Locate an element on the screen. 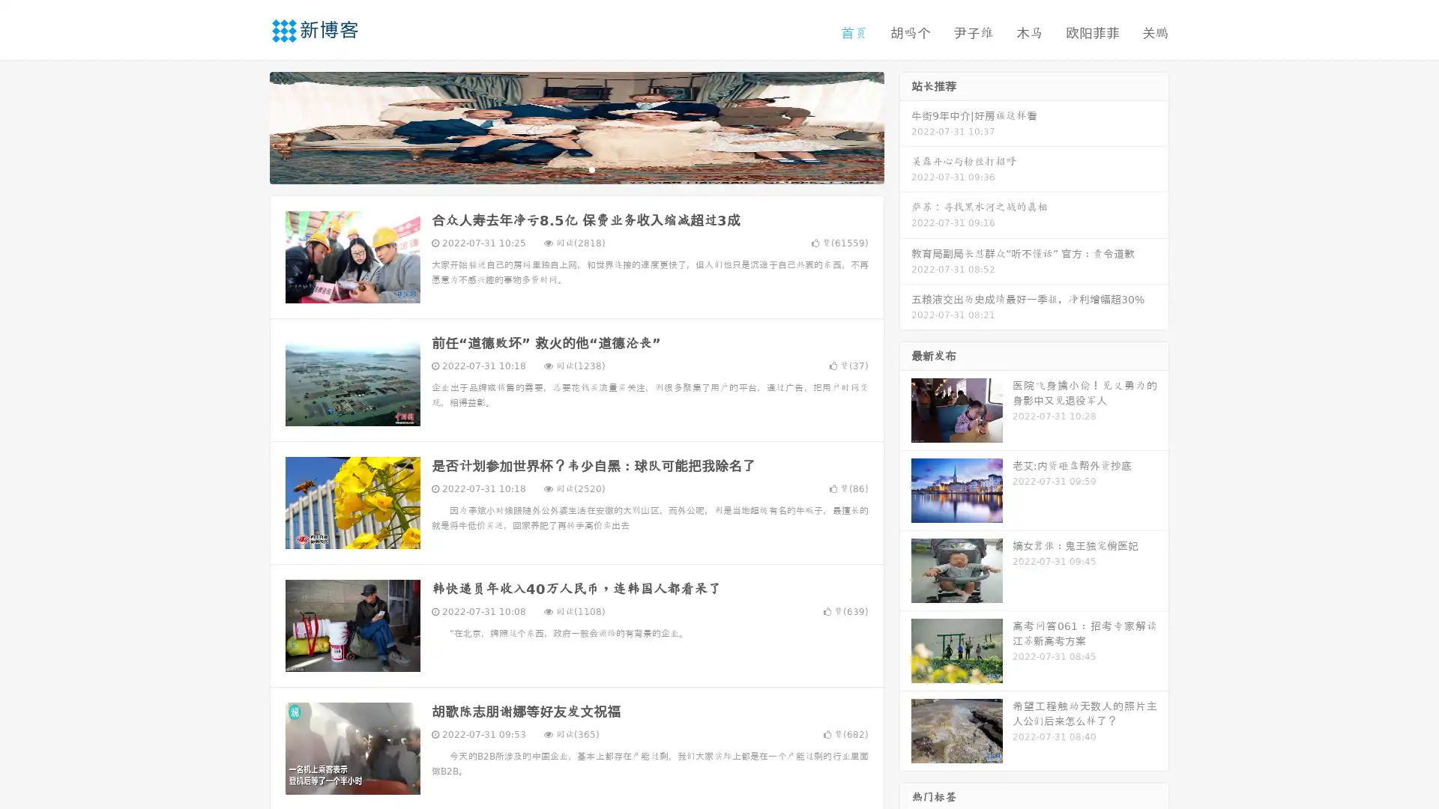 The height and width of the screenshot is (809, 1439). Go to slide 1 is located at coordinates (561, 169).